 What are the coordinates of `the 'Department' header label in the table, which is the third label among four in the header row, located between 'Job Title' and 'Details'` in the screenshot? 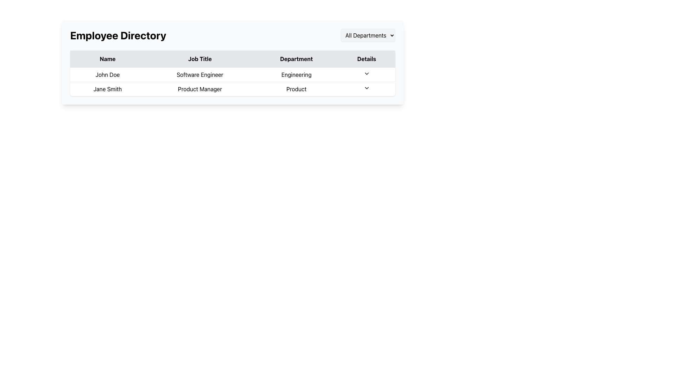 It's located at (296, 59).